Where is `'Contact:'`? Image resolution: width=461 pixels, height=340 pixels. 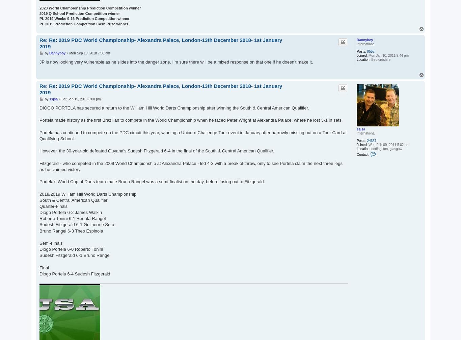
'Contact:' is located at coordinates (362, 154).